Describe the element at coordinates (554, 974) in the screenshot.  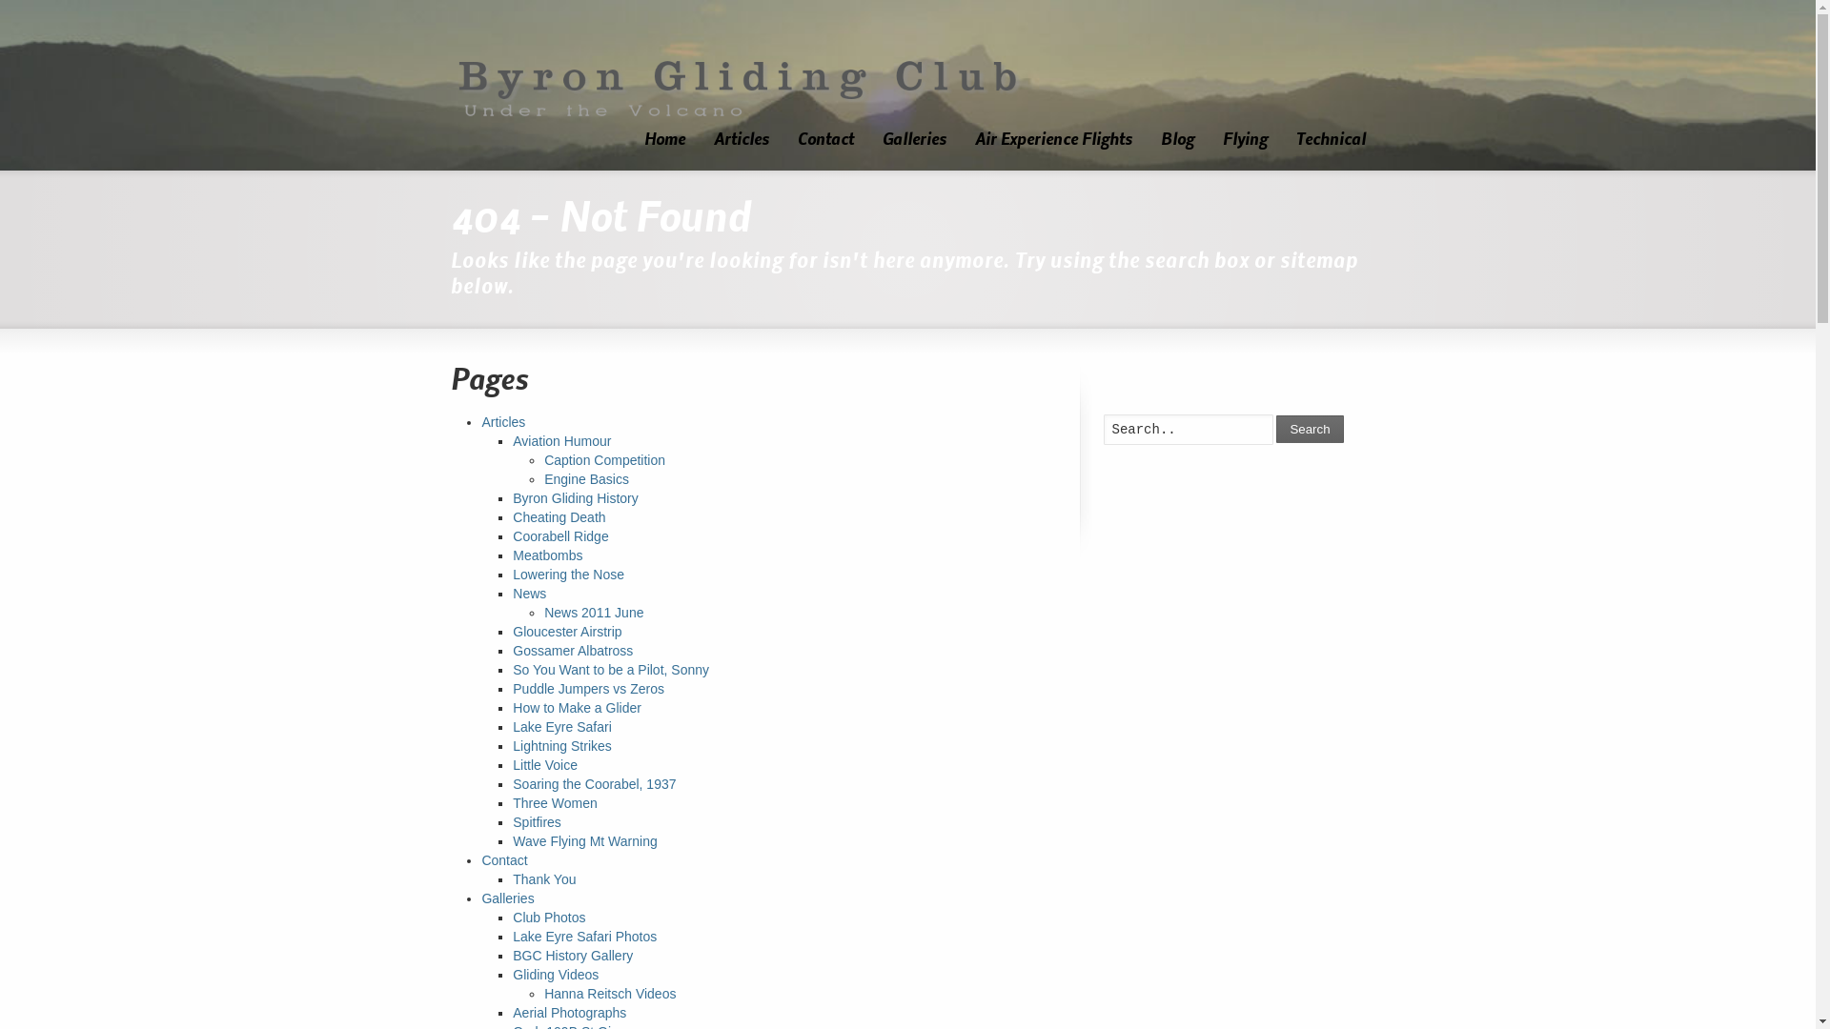
I see `'Gliding Videos'` at that location.